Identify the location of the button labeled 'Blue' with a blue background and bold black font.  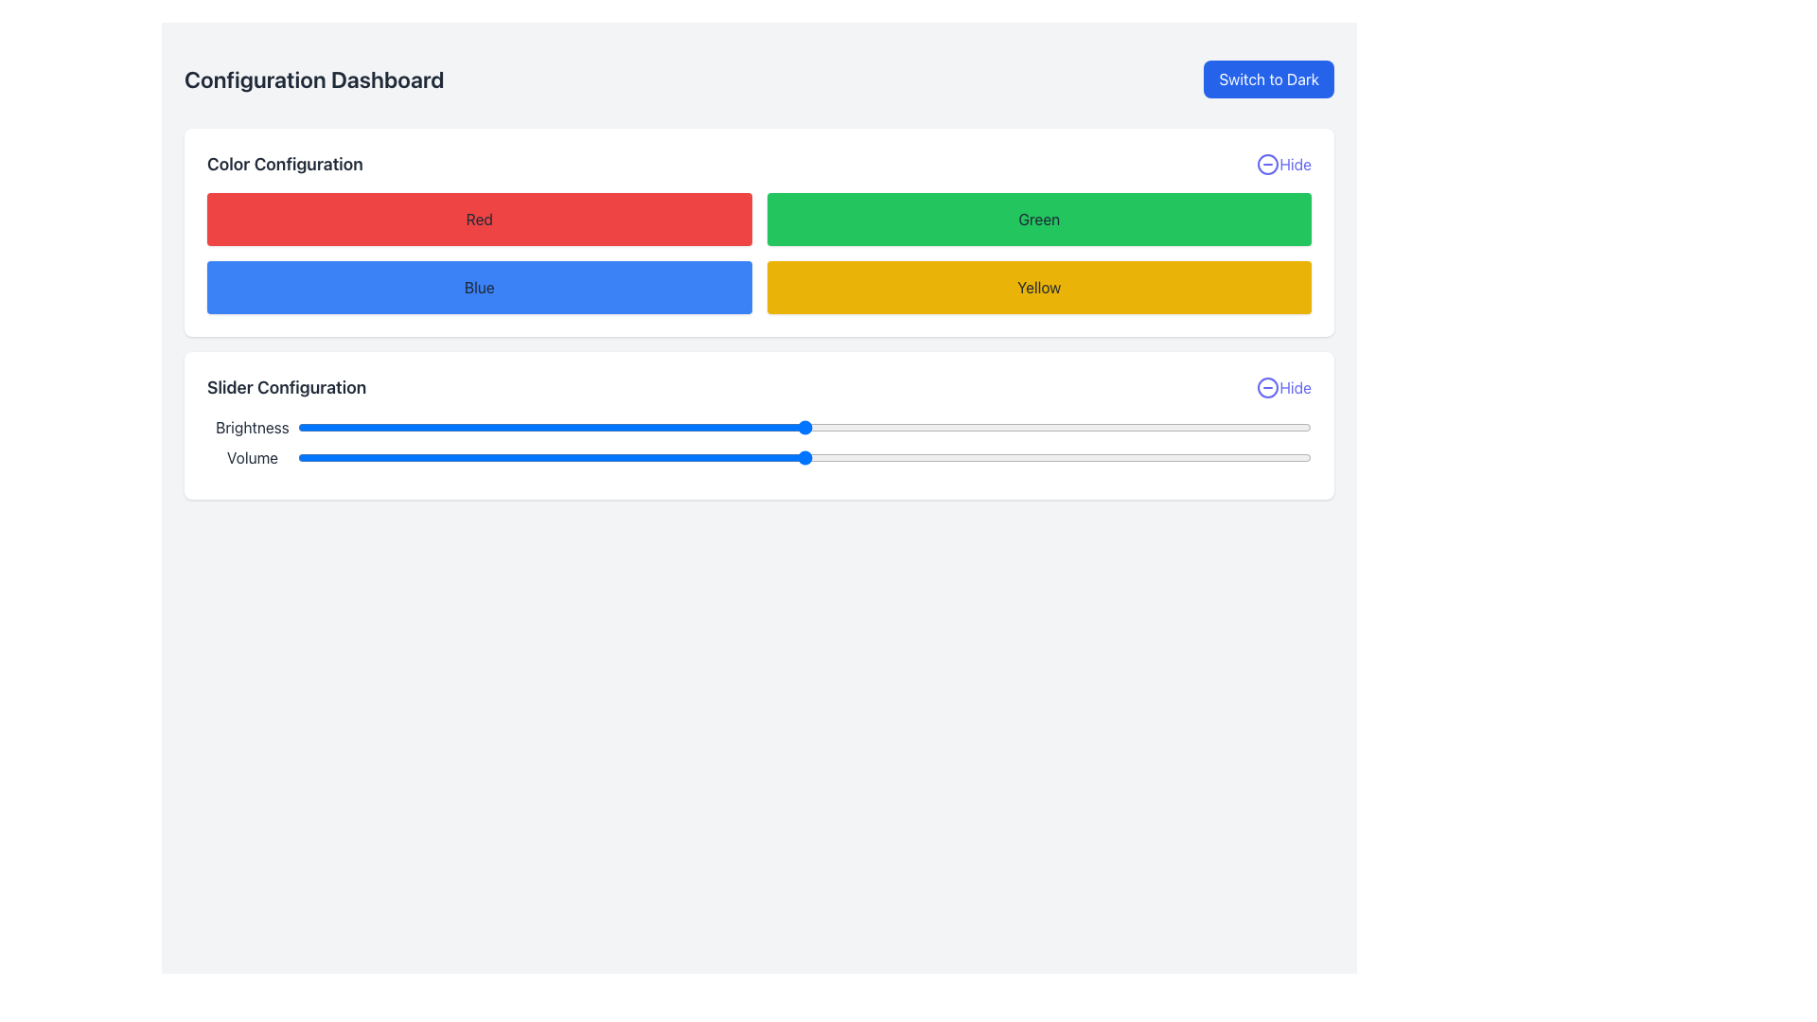
(479, 288).